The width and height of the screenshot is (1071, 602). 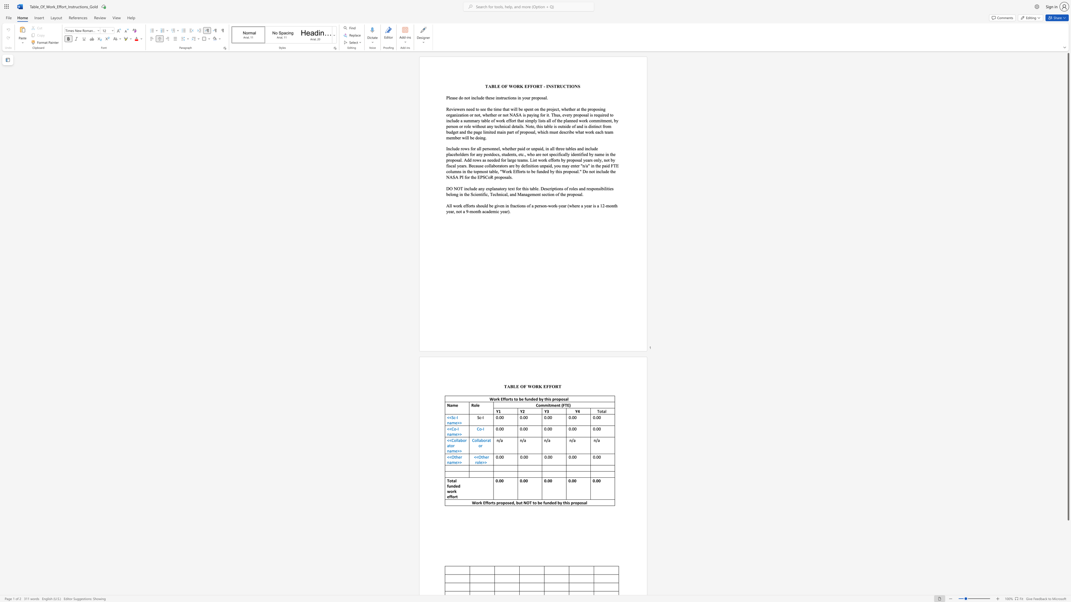 What do you see at coordinates (1068, 560) in the screenshot?
I see `the scrollbar to scroll the page down` at bounding box center [1068, 560].